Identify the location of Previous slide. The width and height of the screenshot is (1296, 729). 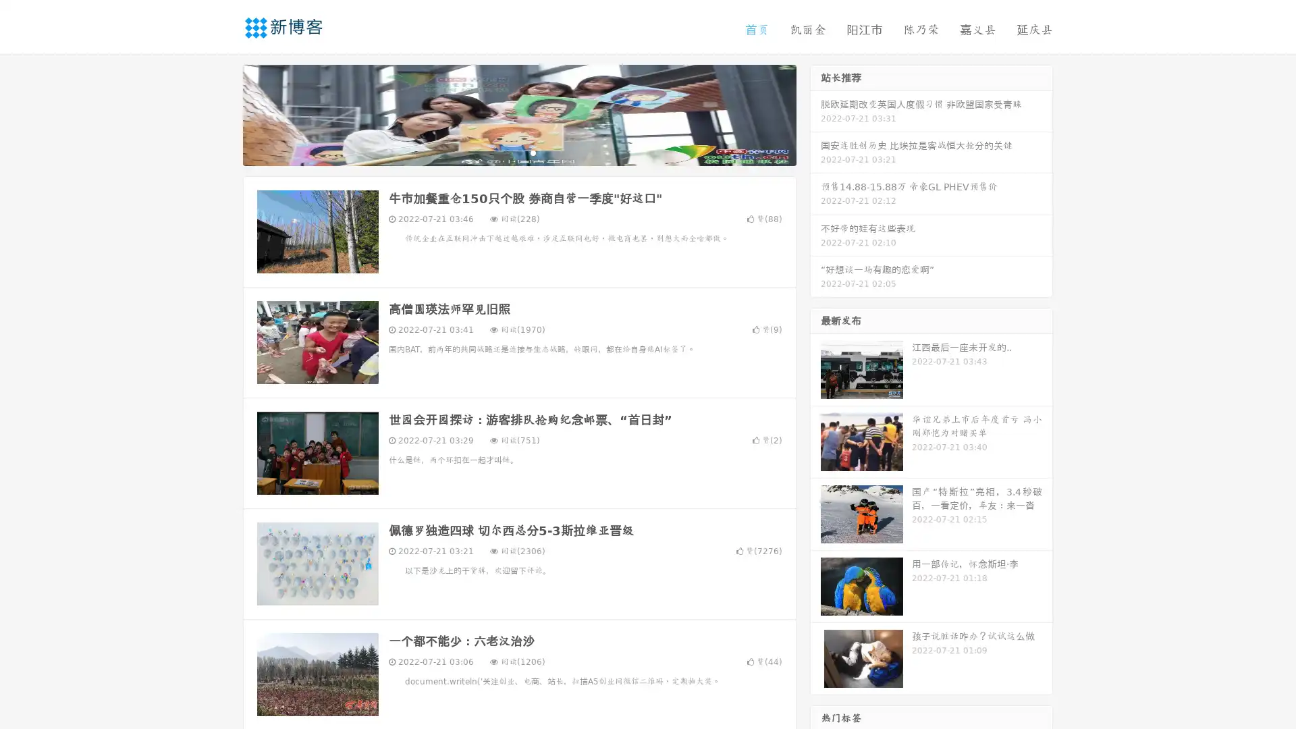
(223, 113).